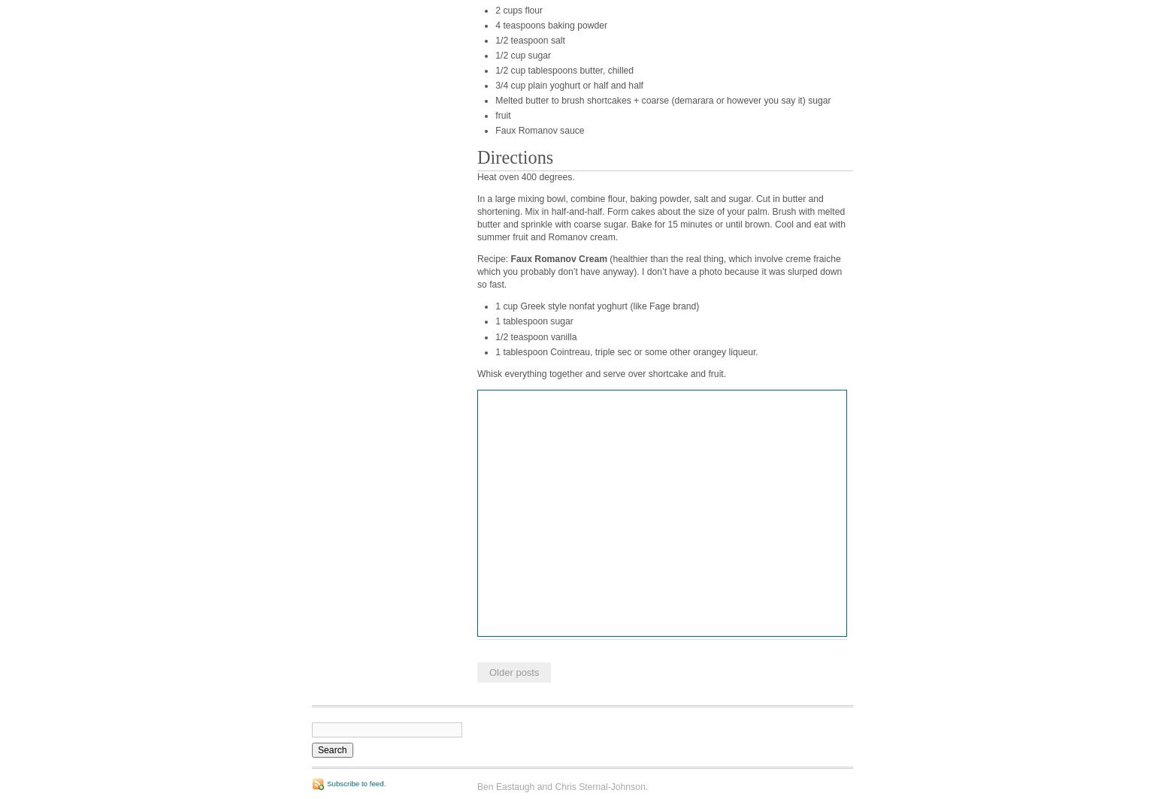  What do you see at coordinates (625, 351) in the screenshot?
I see `'1 tablespoon Cointreau, triple sec or some other orangey liqueur.'` at bounding box center [625, 351].